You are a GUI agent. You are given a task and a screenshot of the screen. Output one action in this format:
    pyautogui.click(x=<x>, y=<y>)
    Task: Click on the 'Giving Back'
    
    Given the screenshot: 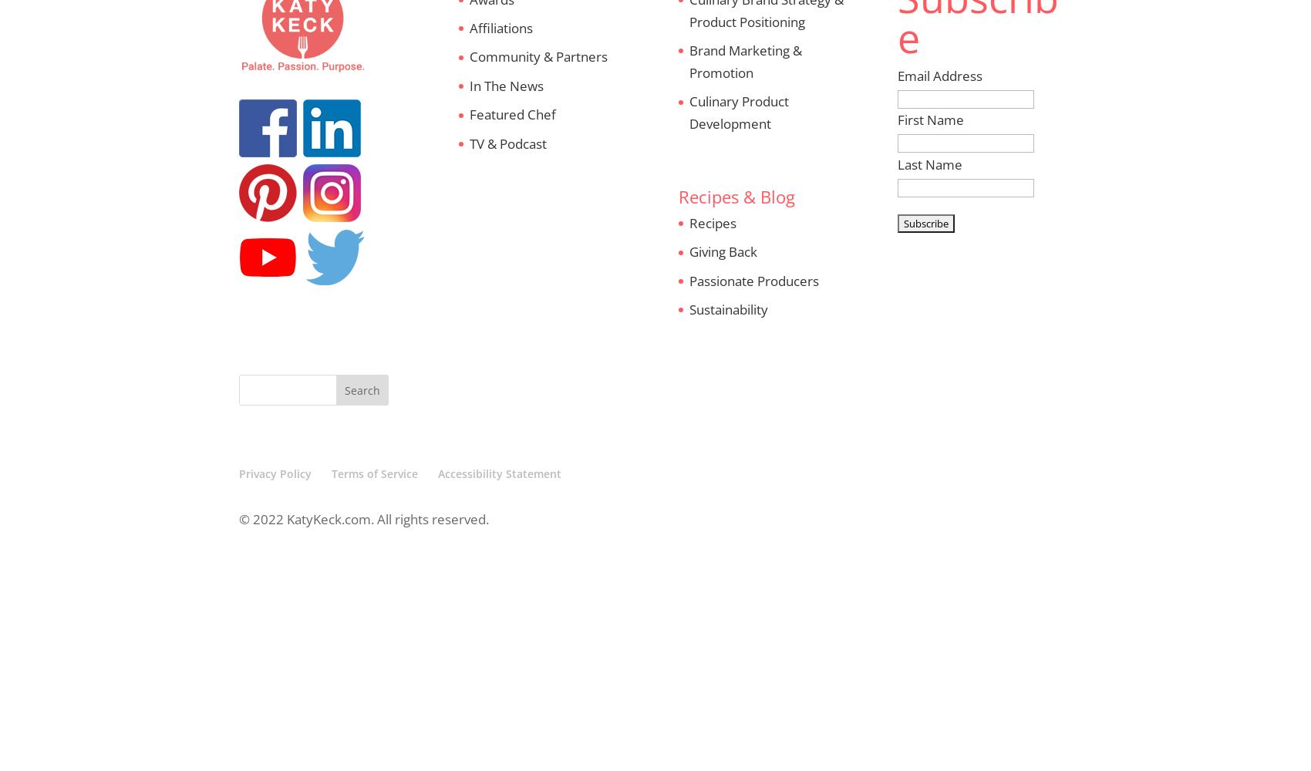 What is the action you would take?
    pyautogui.click(x=723, y=251)
    